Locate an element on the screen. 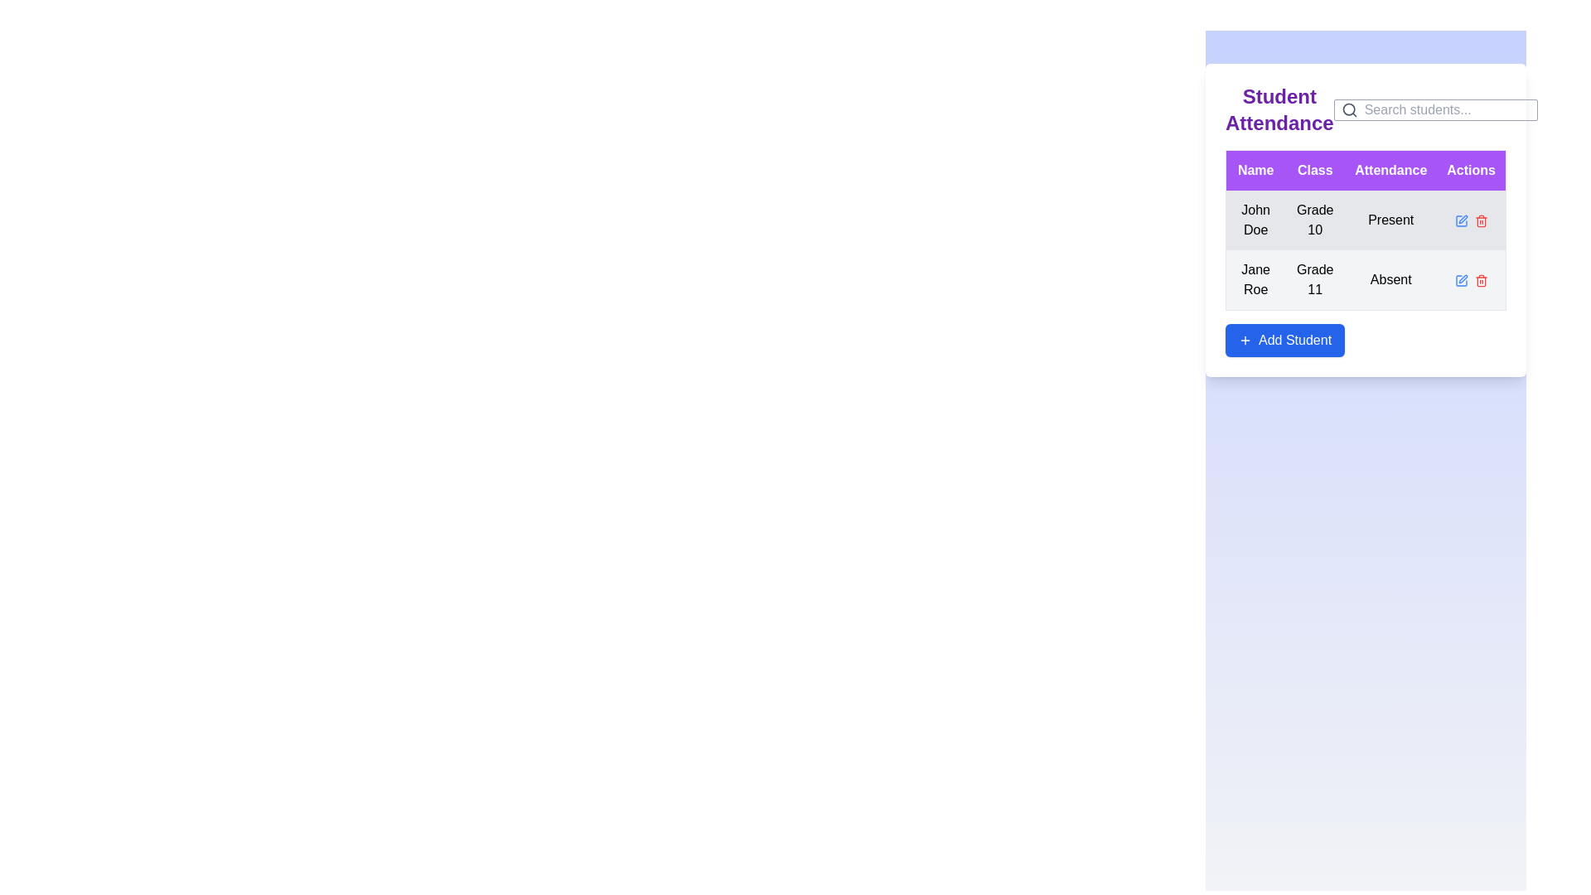 The height and width of the screenshot is (895, 1591). the static text indicating the grade level for student 'Jane Roe' in the 'Class' column of the table is located at coordinates (1314, 279).